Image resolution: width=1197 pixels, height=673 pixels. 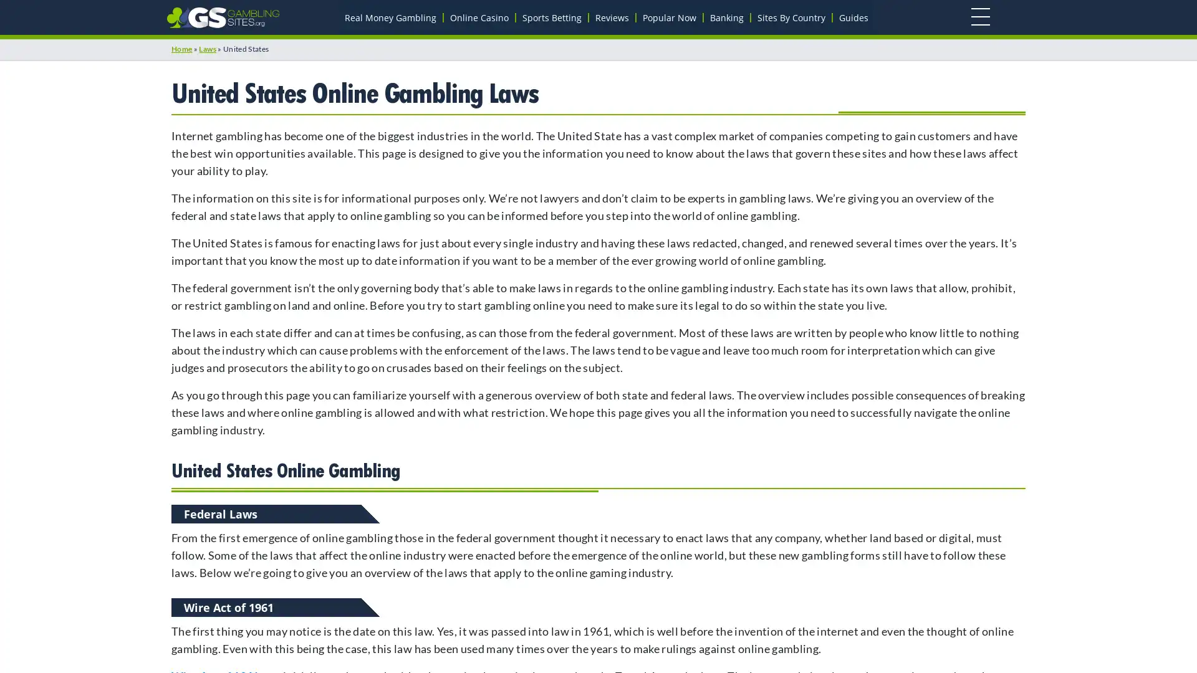 I want to click on Toggle navigation, so click(x=979, y=17).